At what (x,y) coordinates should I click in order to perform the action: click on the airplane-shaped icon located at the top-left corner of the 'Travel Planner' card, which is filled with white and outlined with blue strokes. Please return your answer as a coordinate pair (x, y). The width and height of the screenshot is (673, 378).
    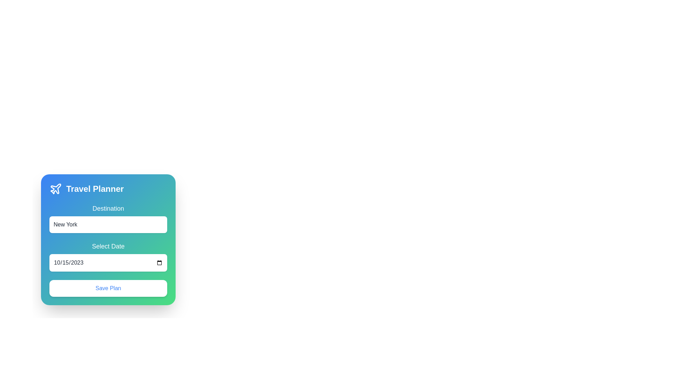
    Looking at the image, I should click on (55, 188).